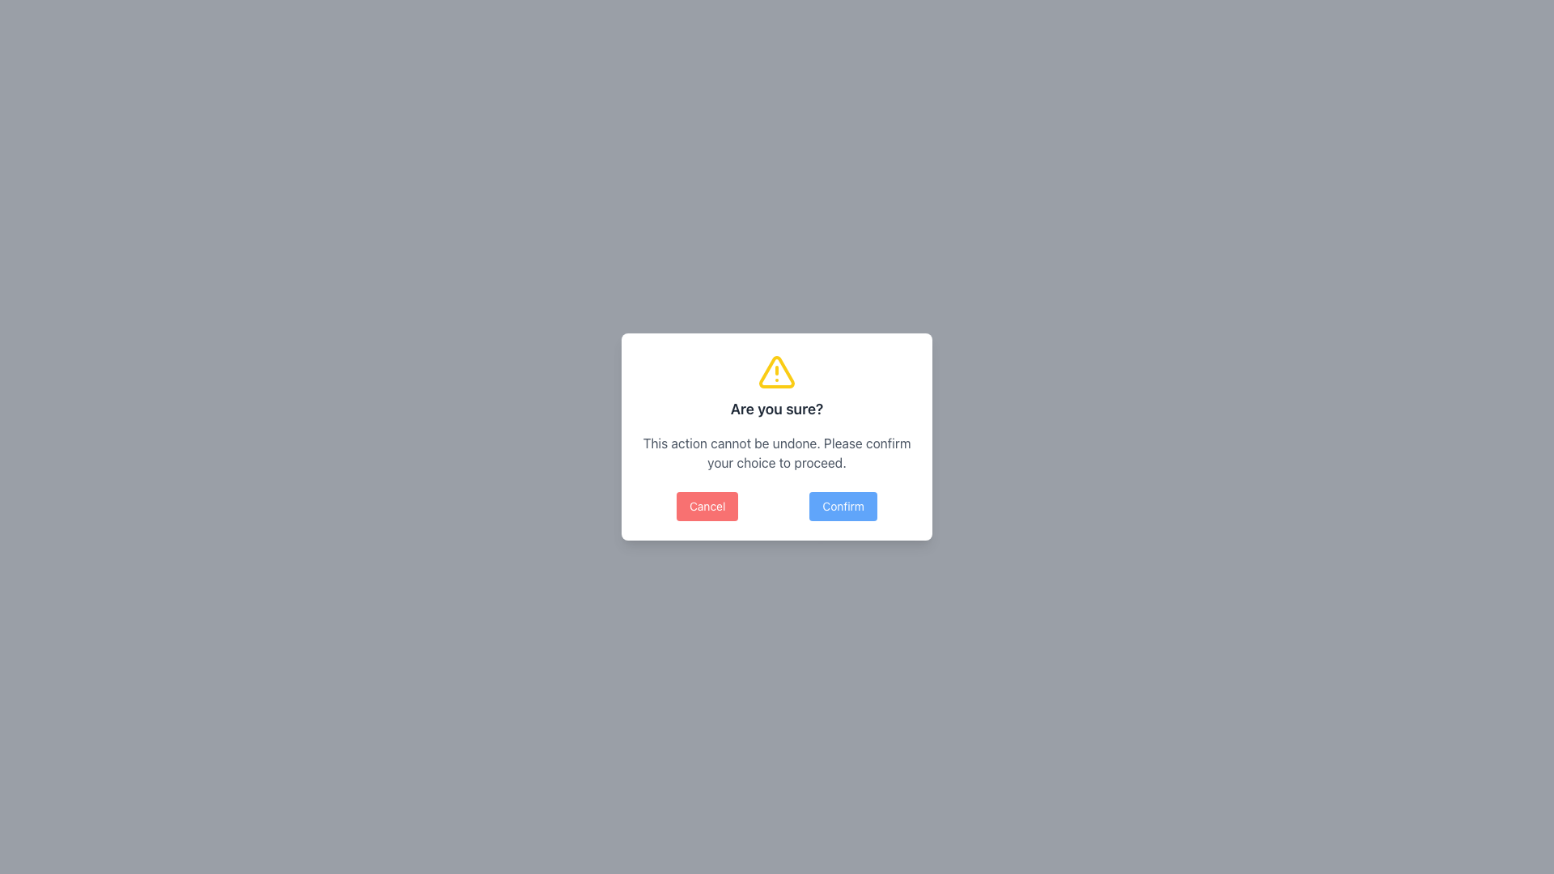  Describe the element at coordinates (707, 505) in the screenshot. I see `the 'Cancel' button, which is a red button with white text located in the bottom-left section of the modal dialog box` at that location.